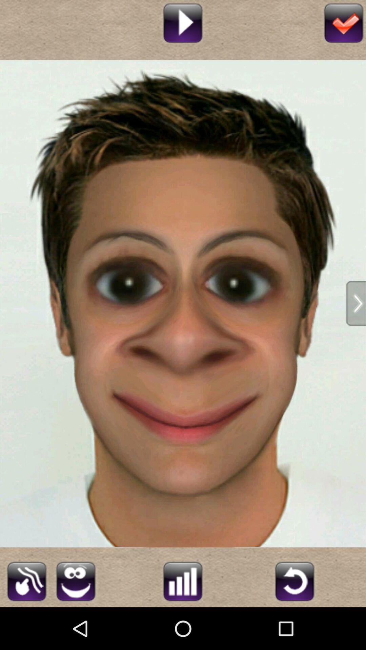  Describe the element at coordinates (344, 22) in the screenshot. I see `confirm and save your edits and filters on this photo` at that location.